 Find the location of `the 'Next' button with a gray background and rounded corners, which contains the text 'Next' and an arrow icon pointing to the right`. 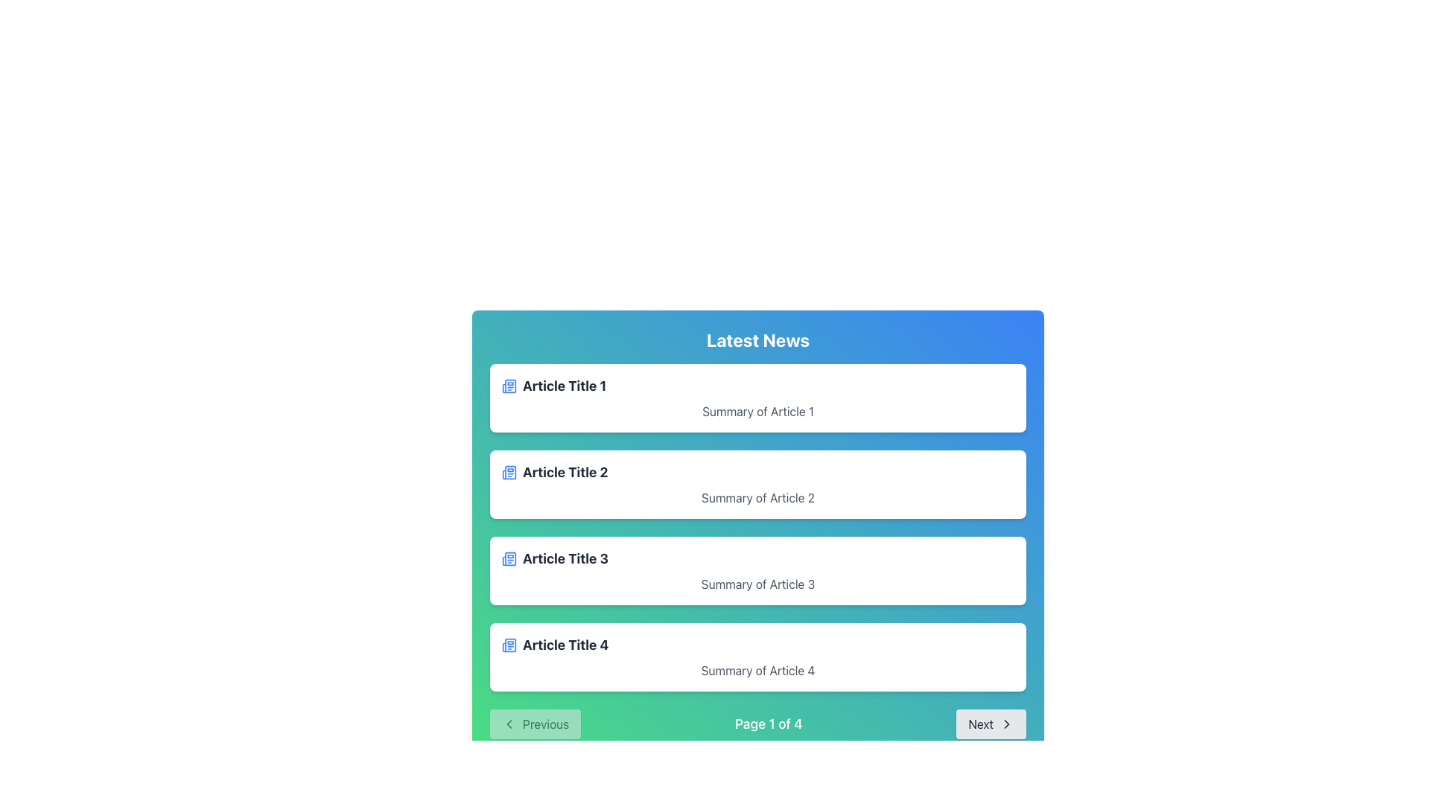

the 'Next' button with a gray background and rounded corners, which contains the text 'Next' and an arrow icon pointing to the right is located at coordinates (991, 723).